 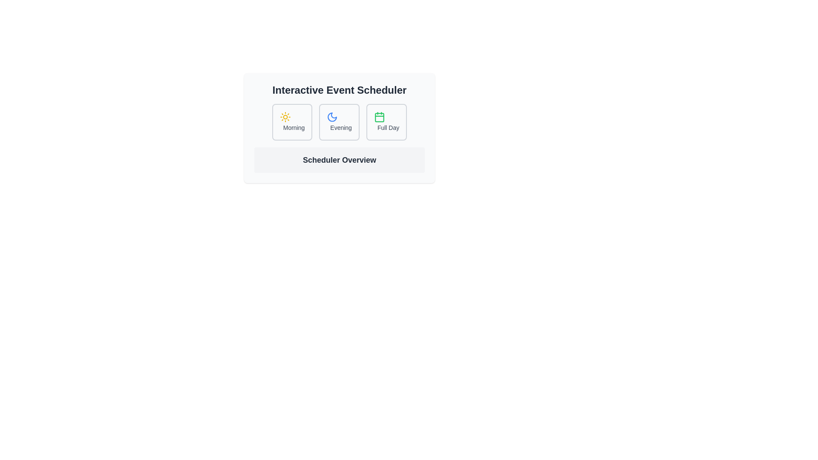 I want to click on the text label that reads 'Full Day' styled with a smaller font size and light gray color, located to the right of a green calendar icon under the heading 'Interactive Event Scheduler.', so click(x=388, y=128).